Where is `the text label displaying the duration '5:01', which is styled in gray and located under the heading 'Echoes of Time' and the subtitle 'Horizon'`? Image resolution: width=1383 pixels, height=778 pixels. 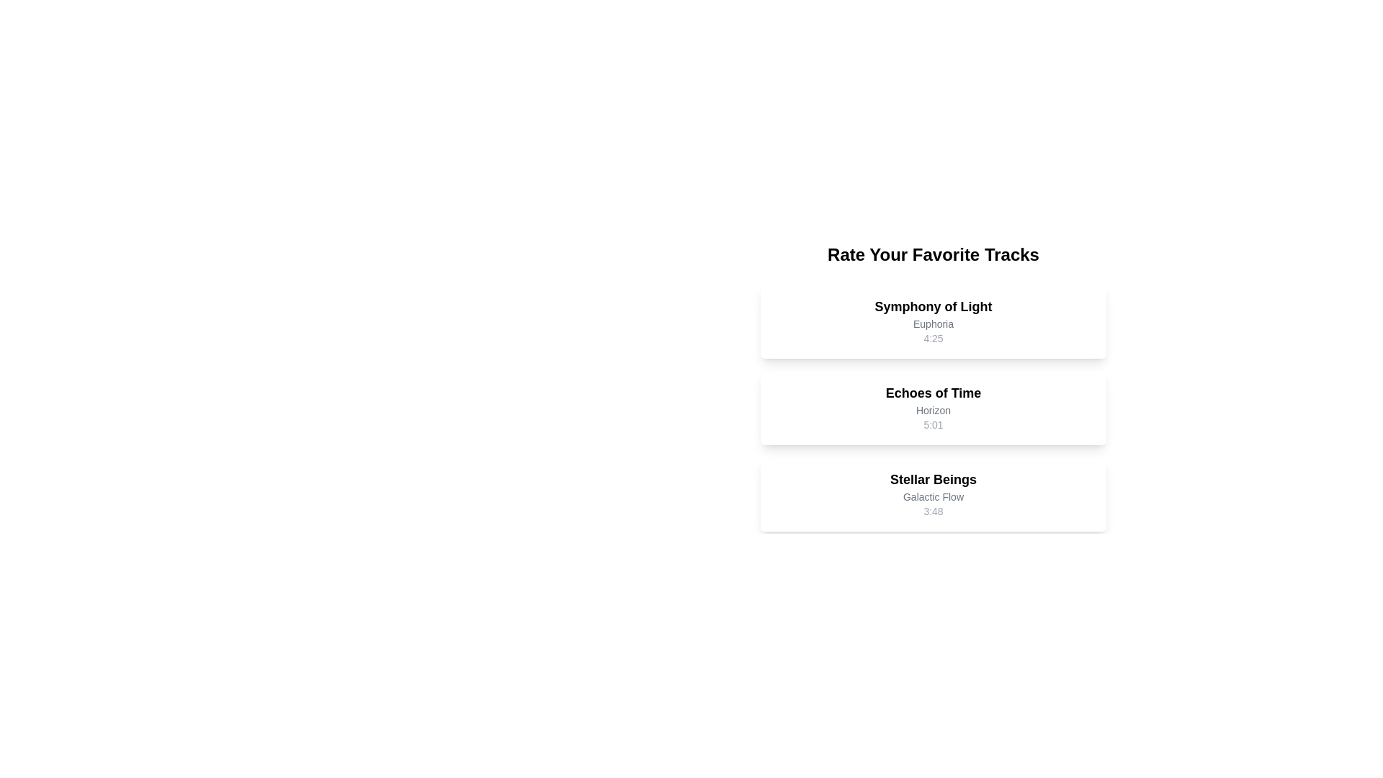 the text label displaying the duration '5:01', which is styled in gray and located under the heading 'Echoes of Time' and the subtitle 'Horizon' is located at coordinates (934, 424).